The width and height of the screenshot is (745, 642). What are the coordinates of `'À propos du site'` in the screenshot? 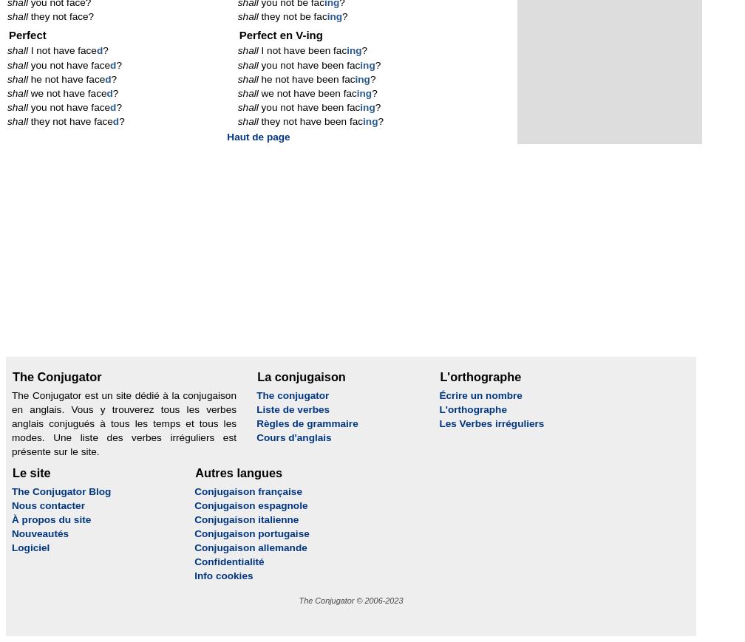 It's located at (51, 519).